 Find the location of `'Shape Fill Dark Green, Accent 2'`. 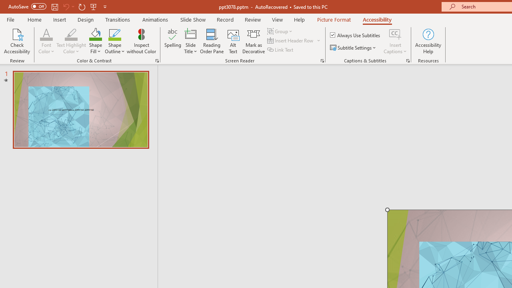

'Shape Fill Dark Green, Accent 2' is located at coordinates (95, 34).